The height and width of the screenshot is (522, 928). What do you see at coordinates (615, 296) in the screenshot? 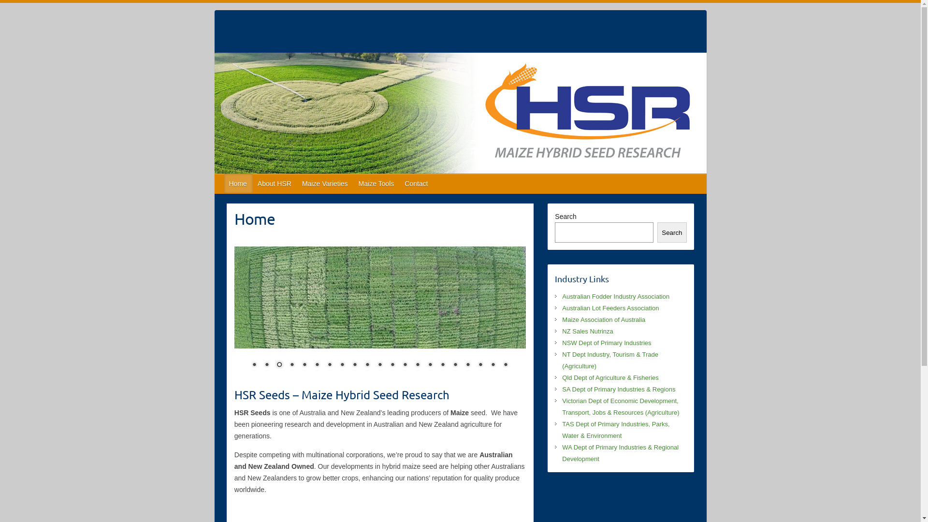
I see `'Australian Fodder Industry Association'` at bounding box center [615, 296].